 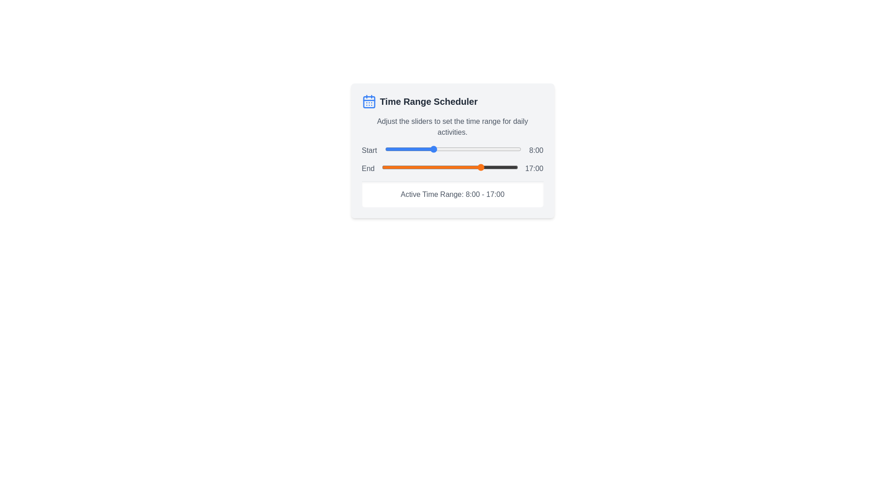 I want to click on the start time slider to 6 hours, so click(x=420, y=148).